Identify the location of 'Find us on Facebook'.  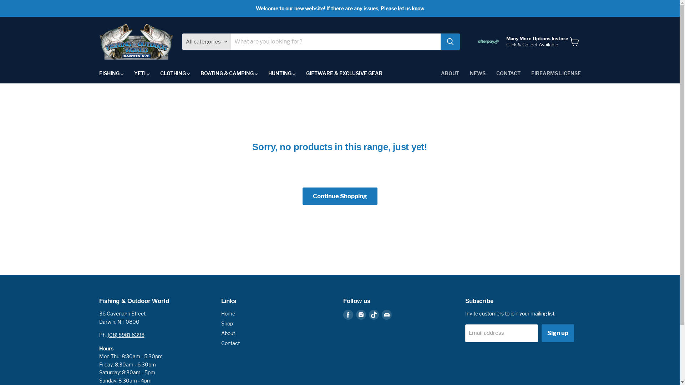
(348, 314).